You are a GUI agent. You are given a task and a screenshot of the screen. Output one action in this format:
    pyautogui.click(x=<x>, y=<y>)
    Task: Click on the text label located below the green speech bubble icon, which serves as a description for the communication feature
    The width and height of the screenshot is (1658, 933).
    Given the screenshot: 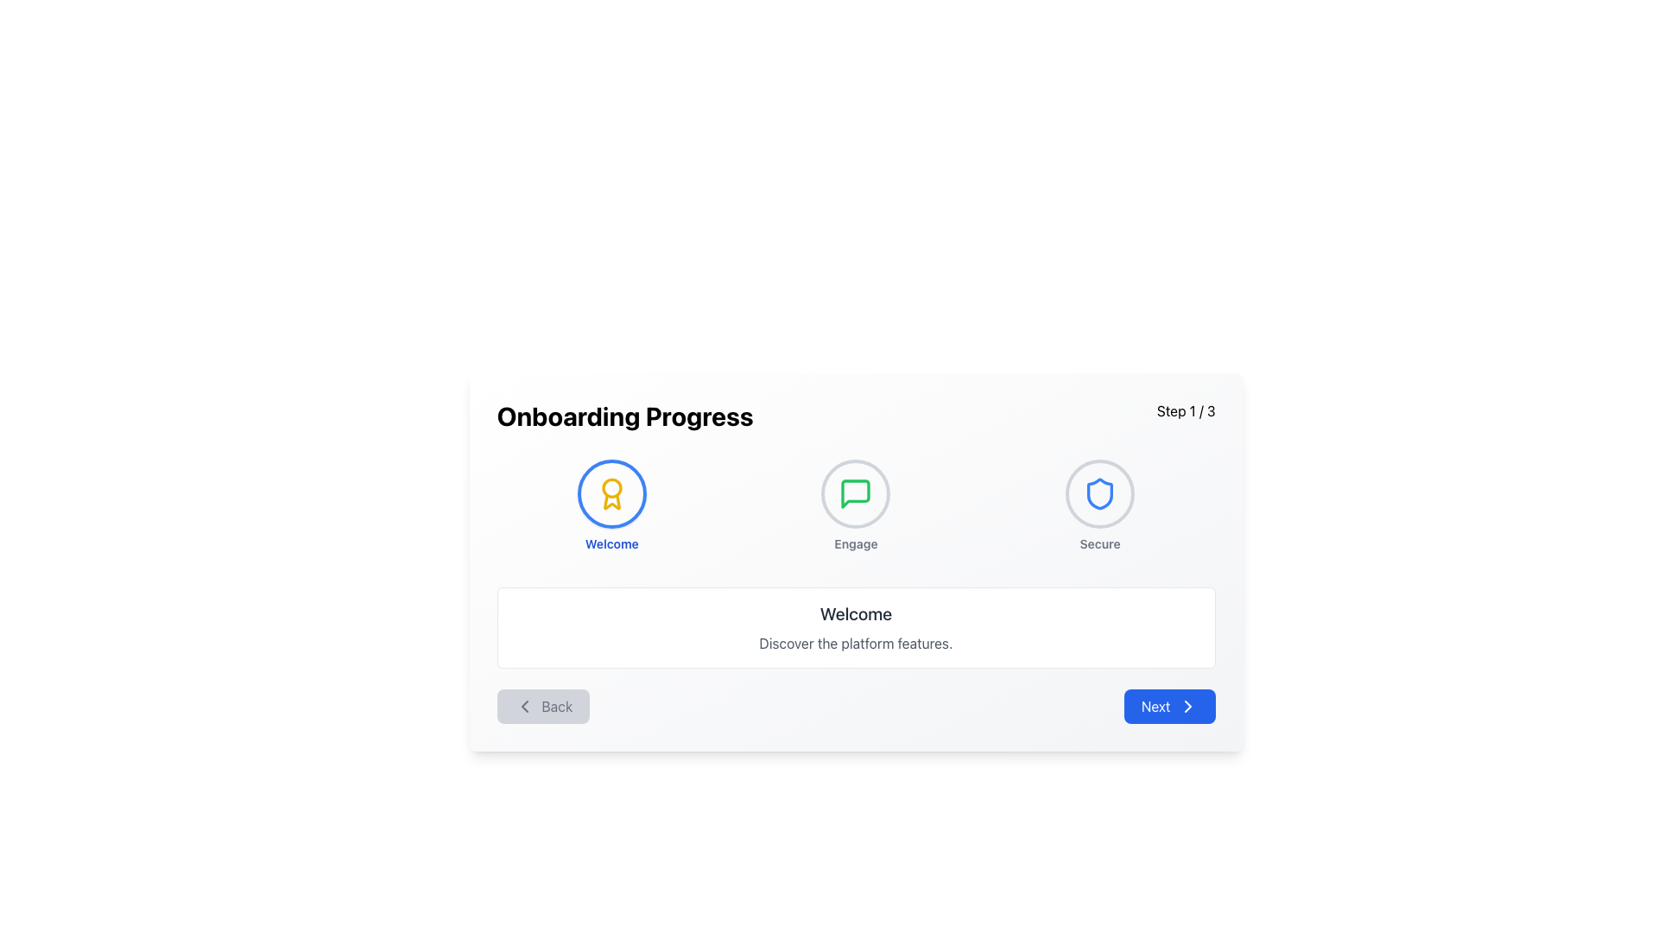 What is the action you would take?
    pyautogui.click(x=856, y=543)
    